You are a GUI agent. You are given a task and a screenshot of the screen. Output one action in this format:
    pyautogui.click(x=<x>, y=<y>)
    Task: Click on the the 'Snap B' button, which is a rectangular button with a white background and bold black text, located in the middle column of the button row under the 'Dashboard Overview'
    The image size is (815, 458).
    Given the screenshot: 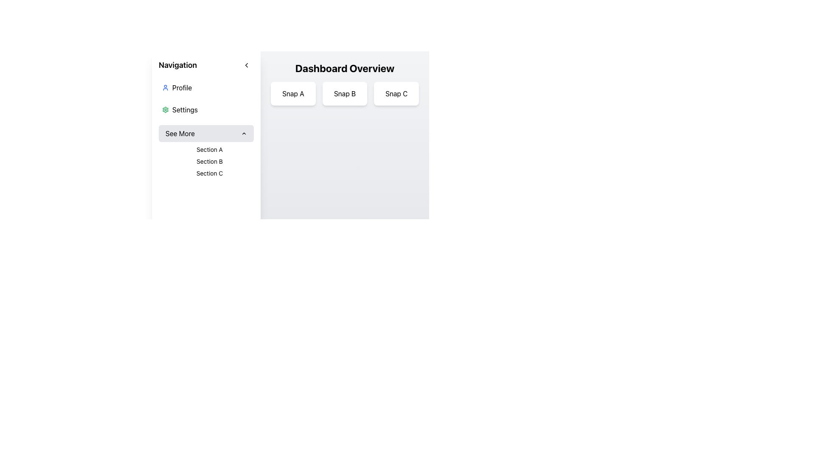 What is the action you would take?
    pyautogui.click(x=345, y=93)
    